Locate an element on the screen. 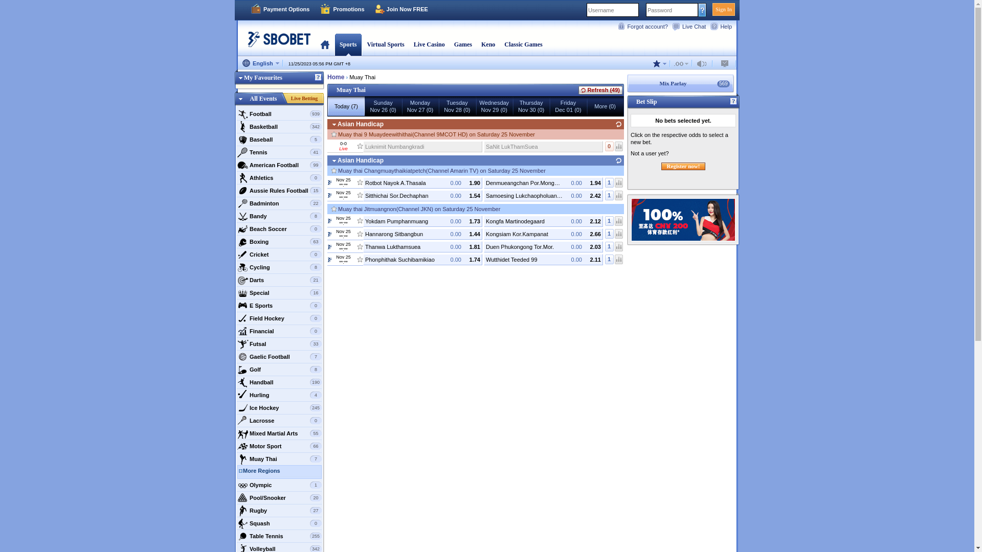 Image resolution: width=982 pixels, height=552 pixels. 'Motor Sport is located at coordinates (236, 445).